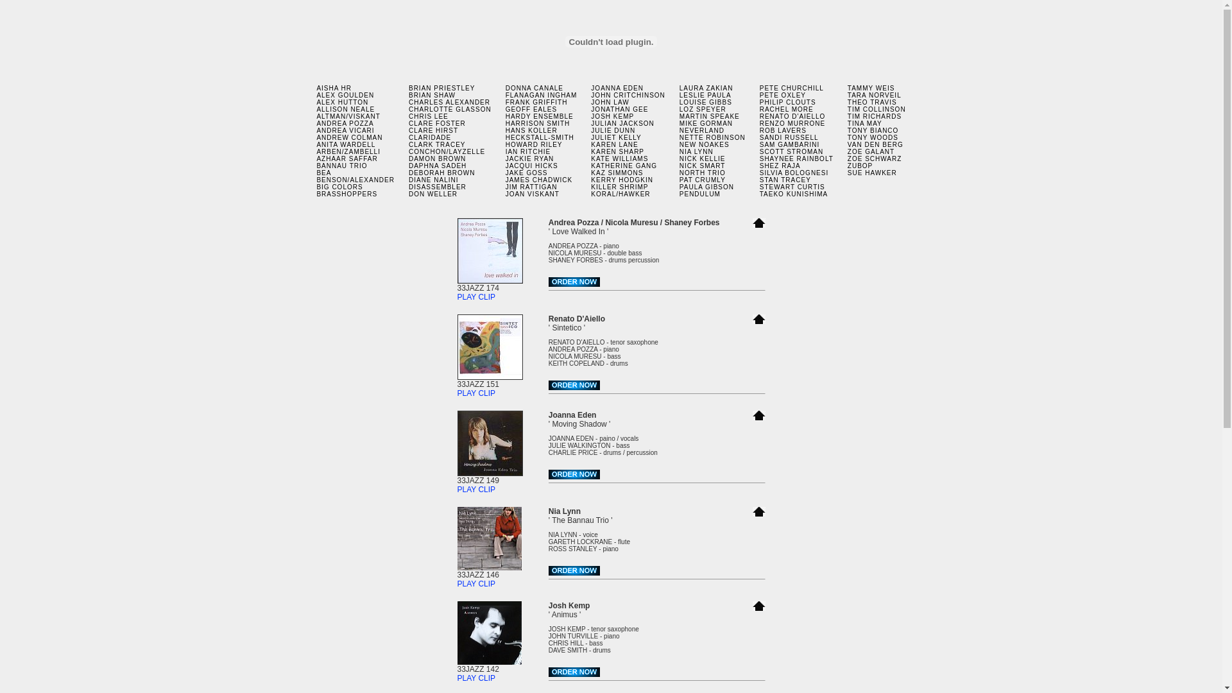  What do you see at coordinates (489, 380) in the screenshot?
I see `'33JAZZ 151'` at bounding box center [489, 380].